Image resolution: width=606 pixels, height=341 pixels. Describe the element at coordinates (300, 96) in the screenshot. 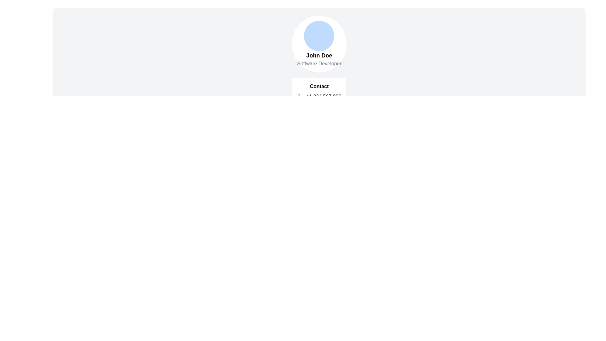

I see `the phone icon, which consists of a stylized telephone receiver in thin blue lines, located below the 'Contact' heading and aligned with the contact information area` at that location.